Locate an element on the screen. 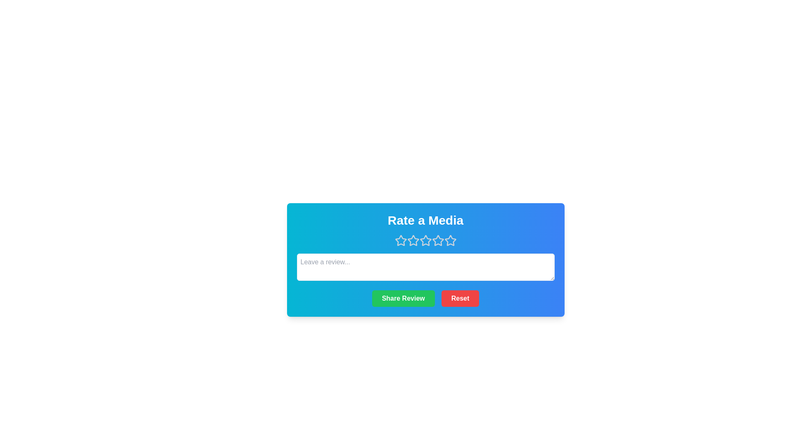 The image size is (793, 446). the 'Share Review' button is located at coordinates (403, 298).